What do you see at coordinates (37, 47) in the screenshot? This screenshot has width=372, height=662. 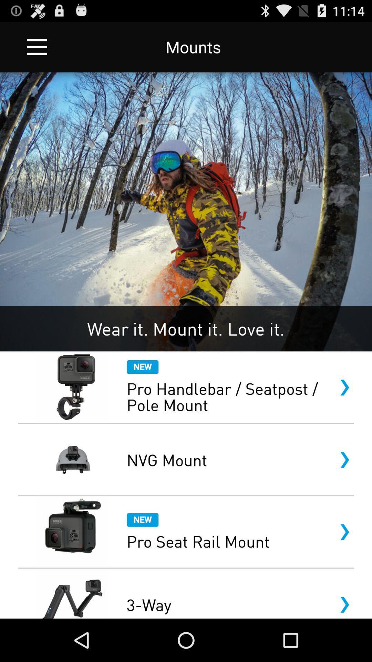 I see `menu` at bounding box center [37, 47].